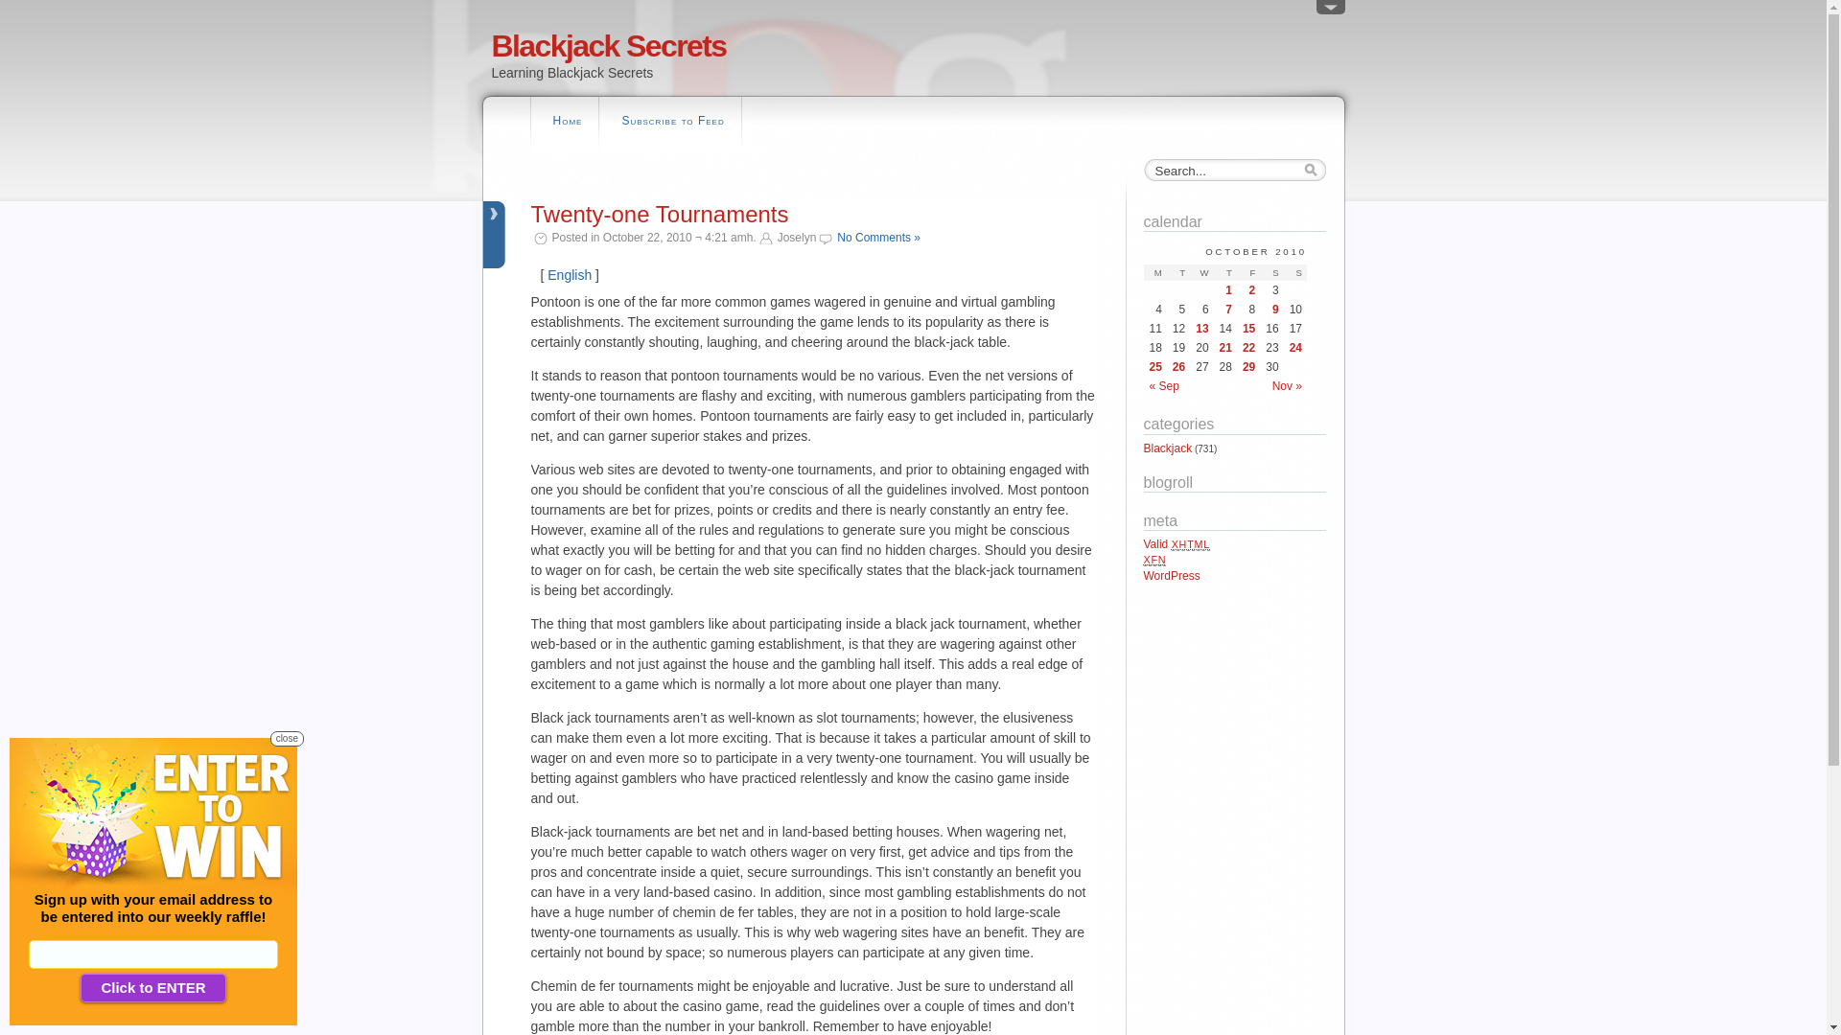  Describe the element at coordinates (547, 274) in the screenshot. I see `'English'` at that location.